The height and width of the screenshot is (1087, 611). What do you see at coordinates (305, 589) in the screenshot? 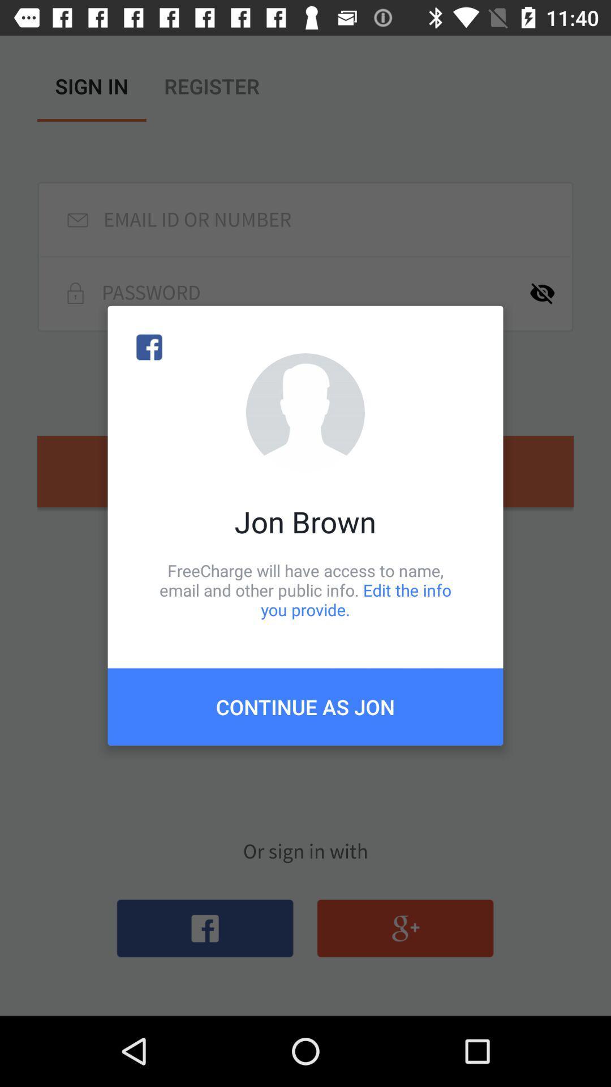
I see `the freecharge will have item` at bounding box center [305, 589].